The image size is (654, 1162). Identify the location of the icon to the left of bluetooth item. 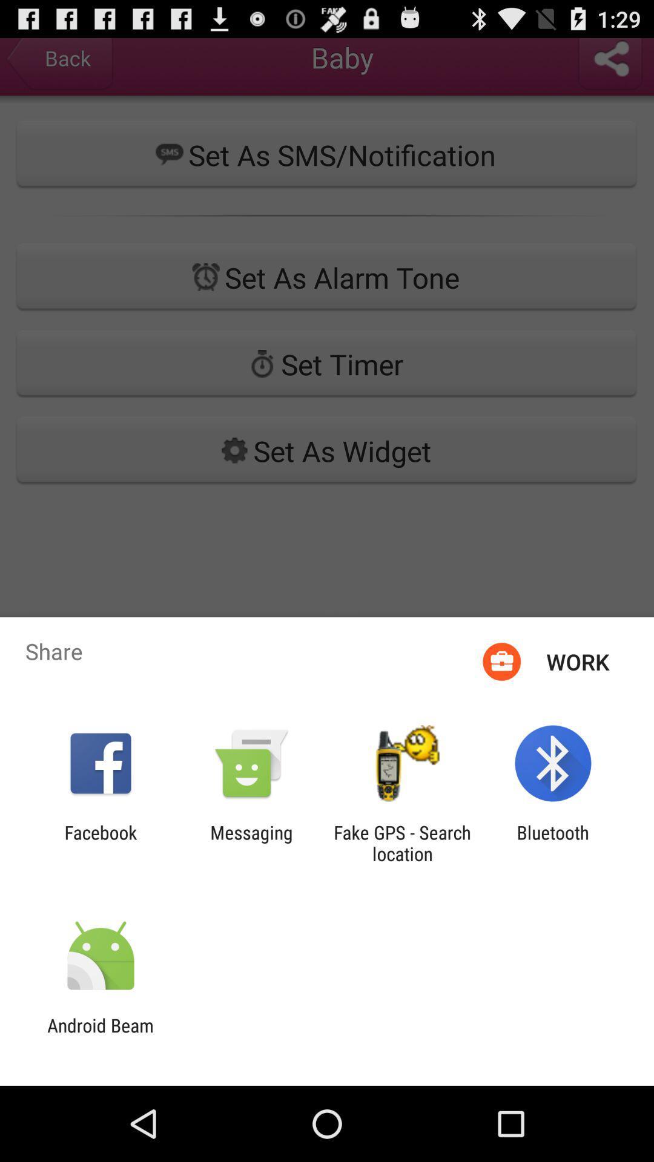
(402, 842).